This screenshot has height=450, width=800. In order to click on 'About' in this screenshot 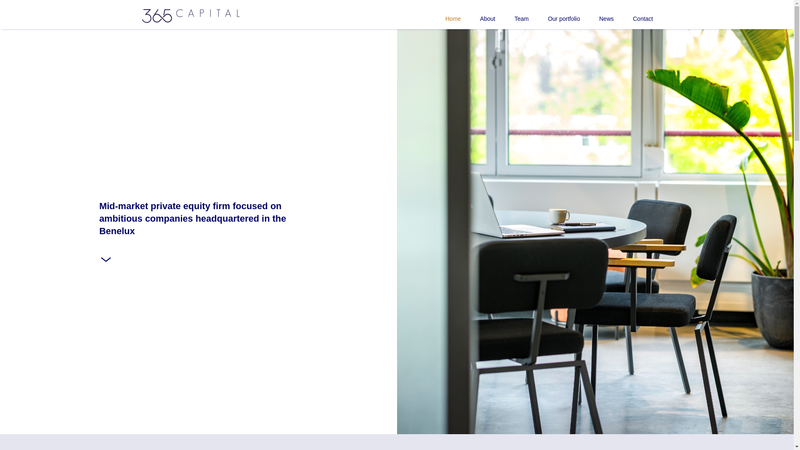, I will do `click(478, 14)`.